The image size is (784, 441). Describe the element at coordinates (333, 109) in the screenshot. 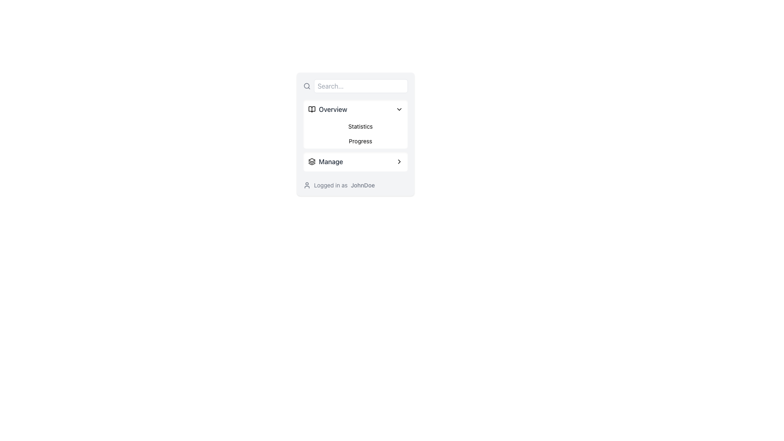

I see `the 'Overview' text label` at that location.